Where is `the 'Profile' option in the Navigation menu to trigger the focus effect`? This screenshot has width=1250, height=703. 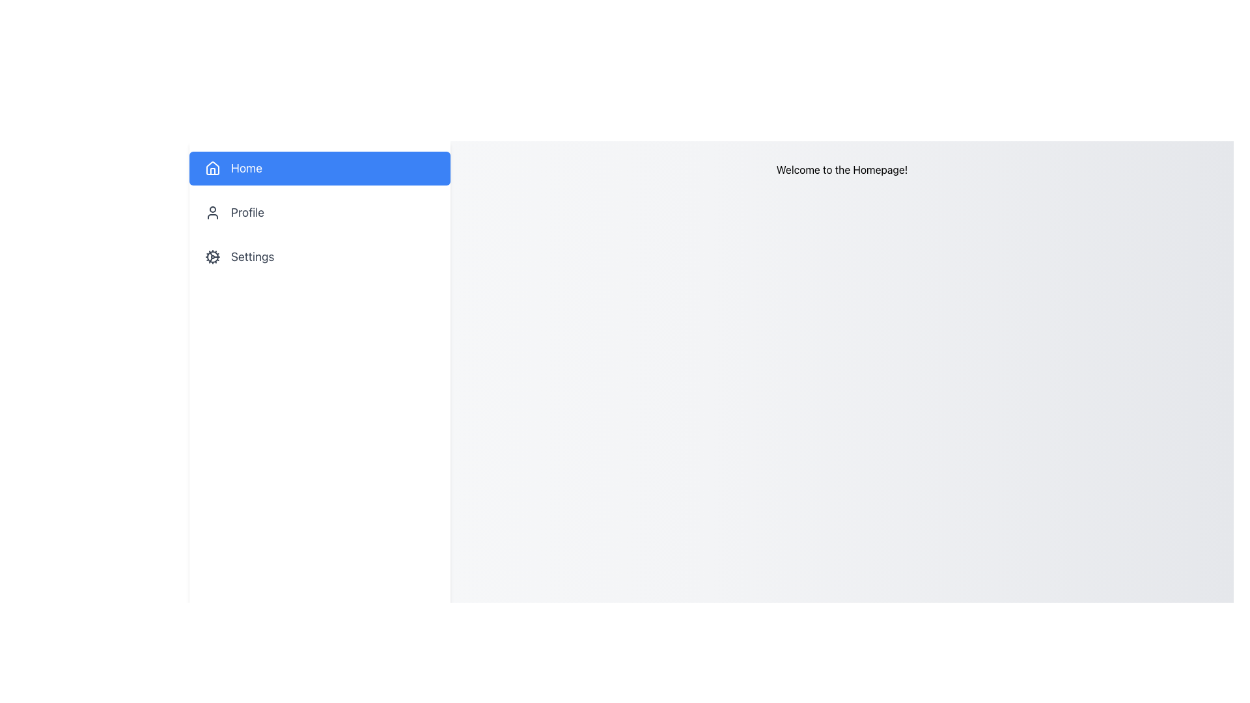
the 'Profile' option in the Navigation menu to trigger the focus effect is located at coordinates (320, 217).